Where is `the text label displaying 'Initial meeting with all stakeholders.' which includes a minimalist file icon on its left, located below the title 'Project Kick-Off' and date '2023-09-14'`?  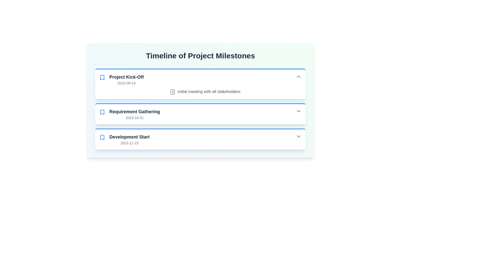
the text label displaying 'Initial meeting with all stakeholders.' which includes a minimalist file icon on its left, located below the title 'Project Kick-Off' and date '2023-09-14' is located at coordinates (205, 92).